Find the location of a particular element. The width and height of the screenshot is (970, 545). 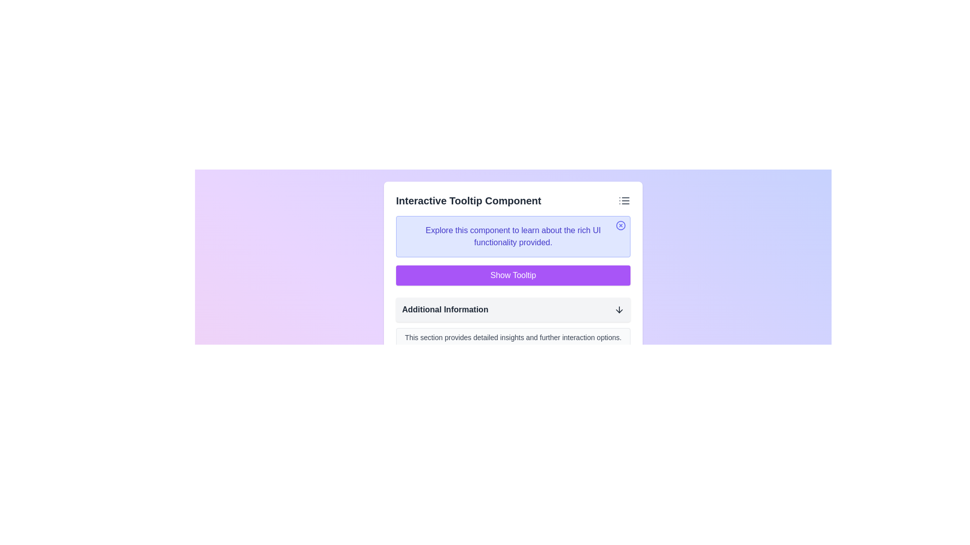

the downward-pointing arrow icon located at the far right of the 'Additional Information' row is located at coordinates (618, 309).